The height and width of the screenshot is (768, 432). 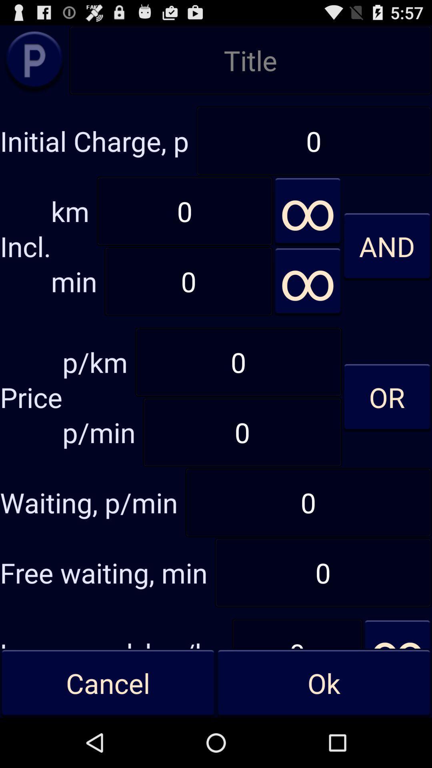 I want to click on 0 at price pkm, so click(x=238, y=362).